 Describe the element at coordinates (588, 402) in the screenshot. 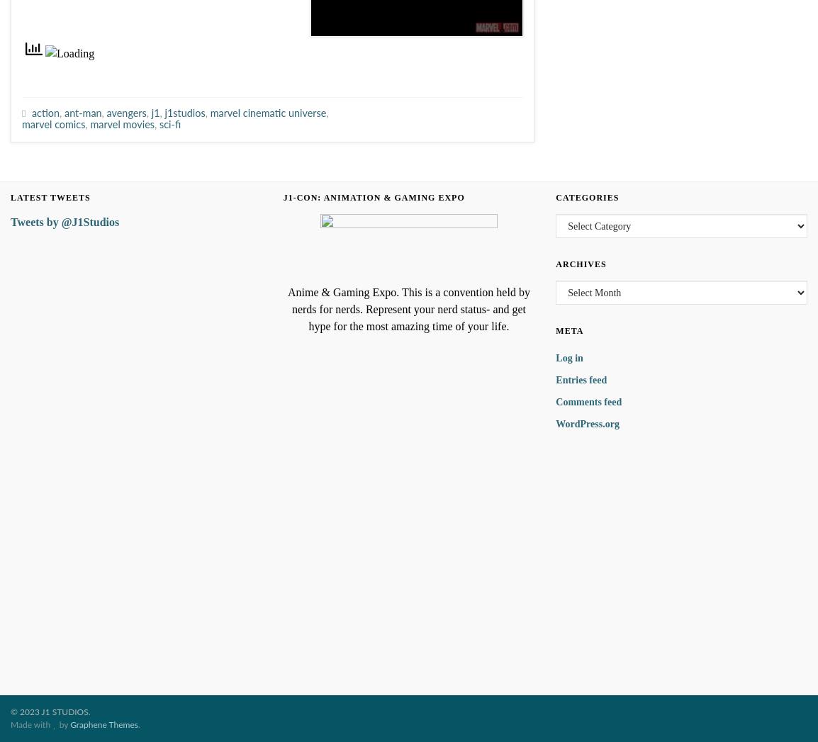

I see `'Comments feed'` at that location.